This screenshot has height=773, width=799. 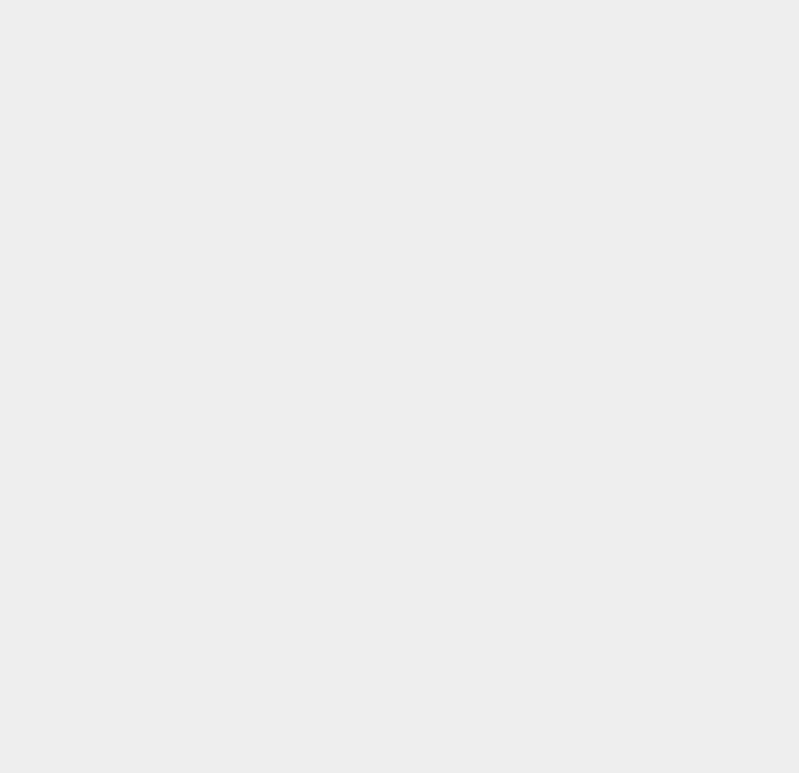 What do you see at coordinates (585, 244) in the screenshot?
I see `'iOS 7.0.5'` at bounding box center [585, 244].